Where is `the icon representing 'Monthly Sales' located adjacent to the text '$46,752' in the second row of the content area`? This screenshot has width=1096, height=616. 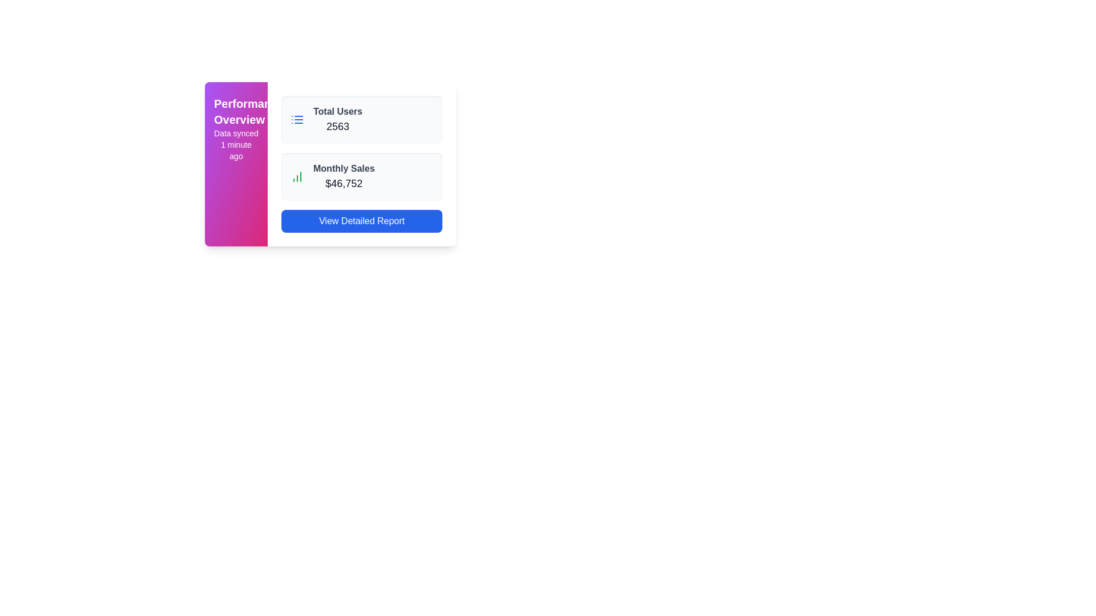
the icon representing 'Monthly Sales' located adjacent to the text '$46,752' in the second row of the content area is located at coordinates (297, 176).